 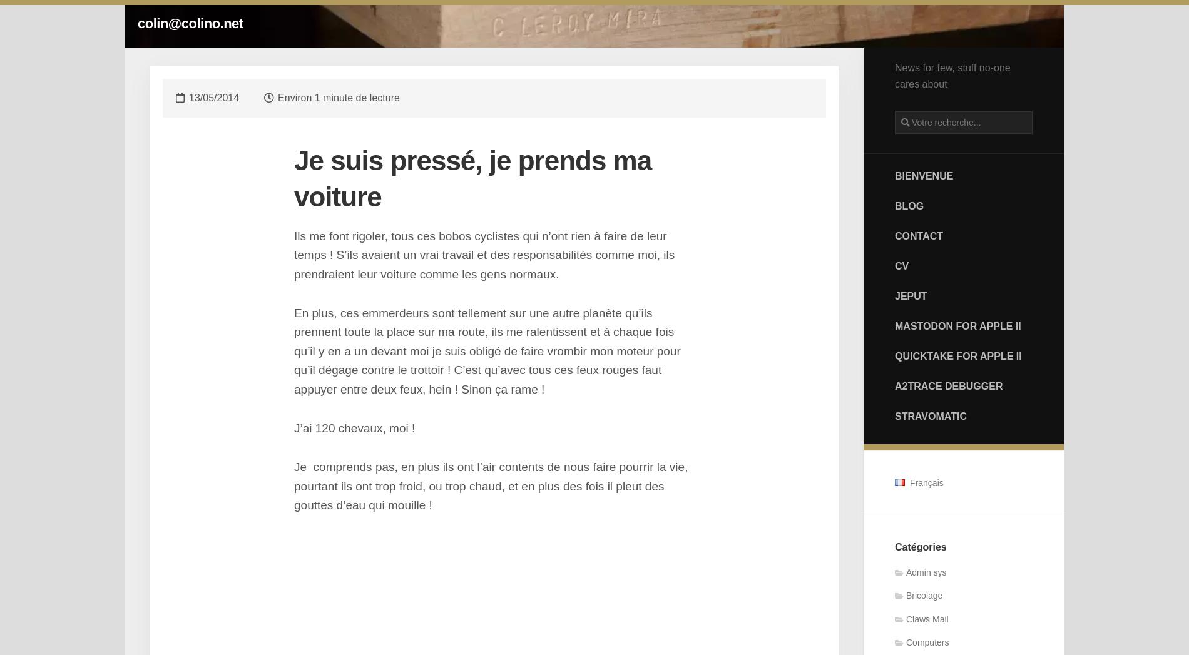 What do you see at coordinates (924, 595) in the screenshot?
I see `'Bricolage'` at bounding box center [924, 595].